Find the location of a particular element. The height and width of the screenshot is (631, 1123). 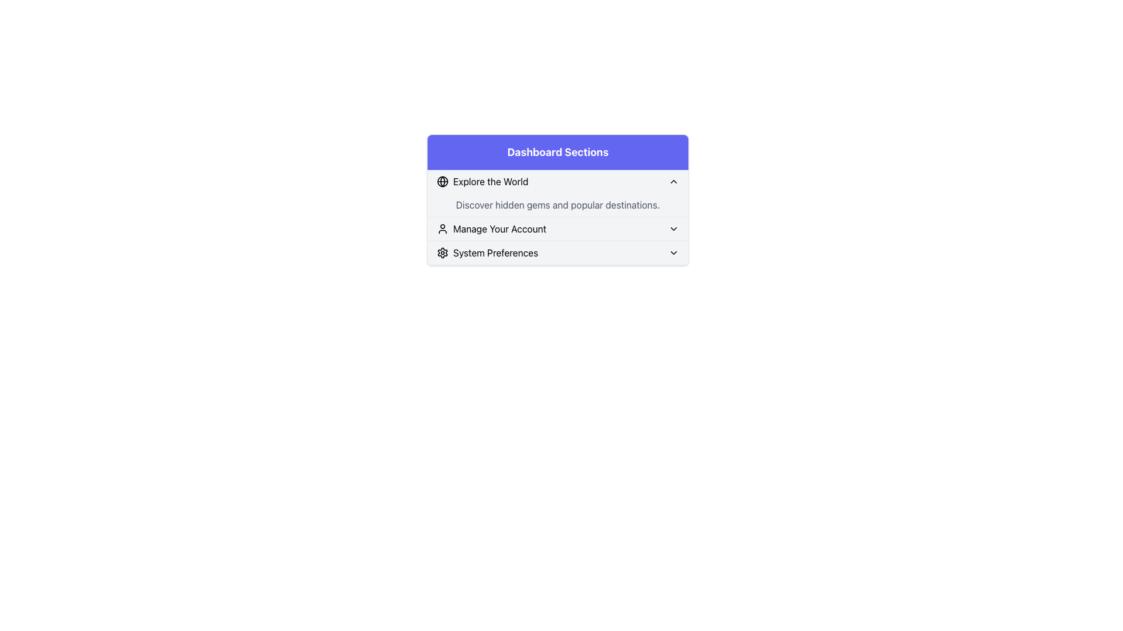

the descriptive text label under the 'Explore the World' section in the 'Dashboard Sections' panel is located at coordinates (557, 199).